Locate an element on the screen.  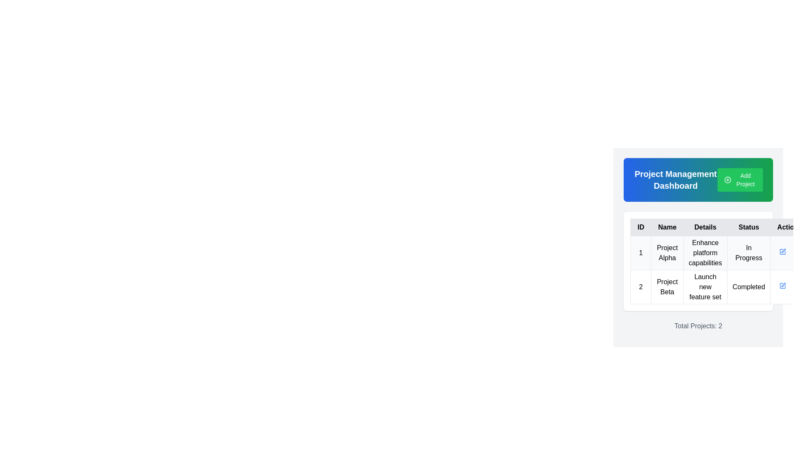
the pen-shaped icon button in the 'Actions' column of the 'Project Management Dashboard' for 'Project Alpha' is located at coordinates (782, 285).